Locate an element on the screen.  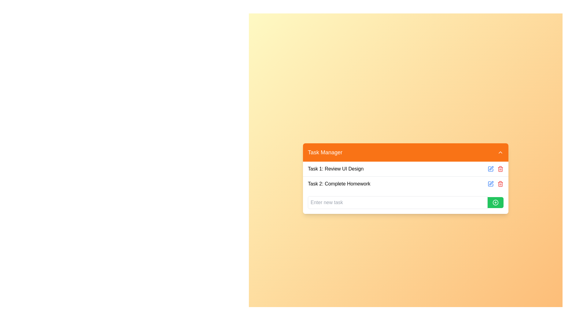
the circular icon button located at the bottom-right corner of the task management interface, which is used for adding new tasks is located at coordinates (496, 202).